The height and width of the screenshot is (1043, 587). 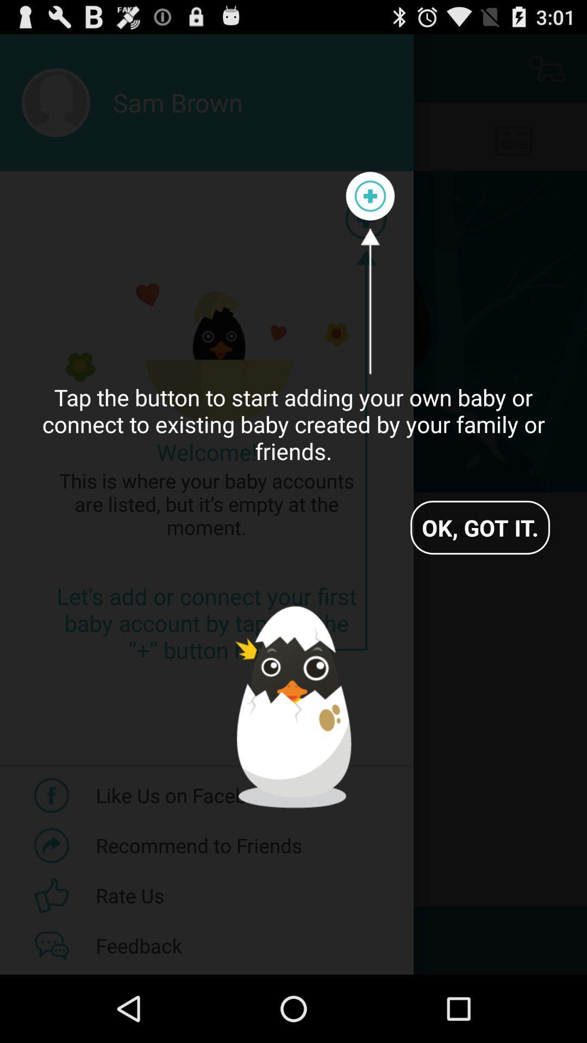 I want to click on add/ create your own baby, so click(x=370, y=196).